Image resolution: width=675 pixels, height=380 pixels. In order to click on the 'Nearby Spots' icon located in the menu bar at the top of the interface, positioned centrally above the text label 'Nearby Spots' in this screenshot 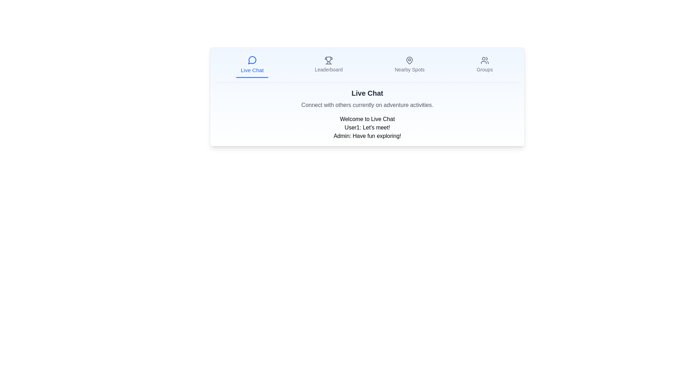, I will do `click(410, 60)`.